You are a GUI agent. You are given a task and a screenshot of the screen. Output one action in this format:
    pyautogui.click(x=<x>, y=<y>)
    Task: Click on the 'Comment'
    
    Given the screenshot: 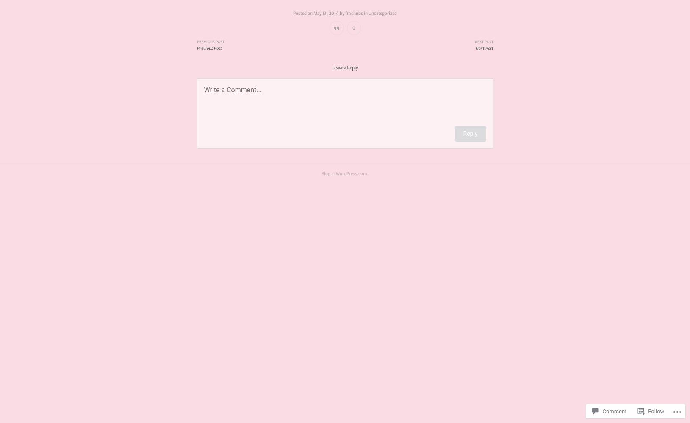 What is the action you would take?
    pyautogui.click(x=614, y=411)
    